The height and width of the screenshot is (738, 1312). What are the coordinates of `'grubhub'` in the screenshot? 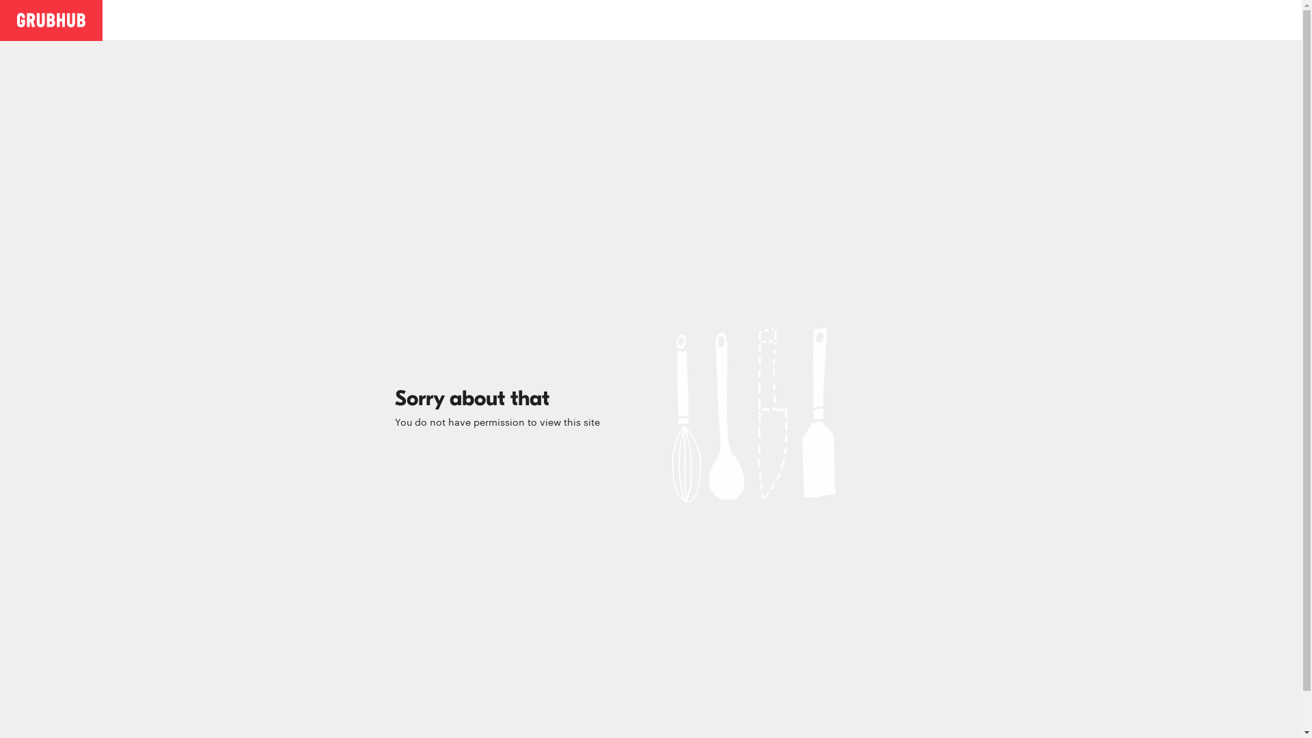 It's located at (16, 19).